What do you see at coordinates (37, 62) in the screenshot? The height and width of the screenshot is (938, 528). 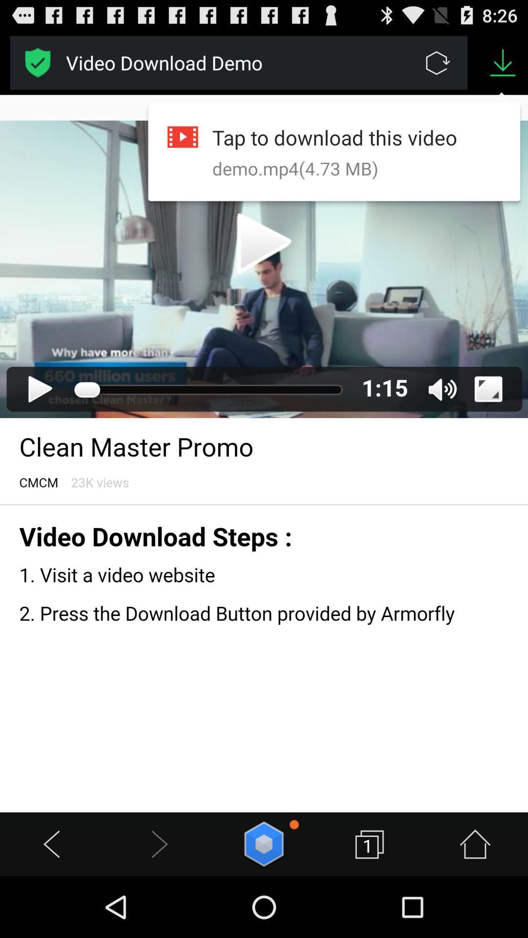 I see `page` at bounding box center [37, 62].